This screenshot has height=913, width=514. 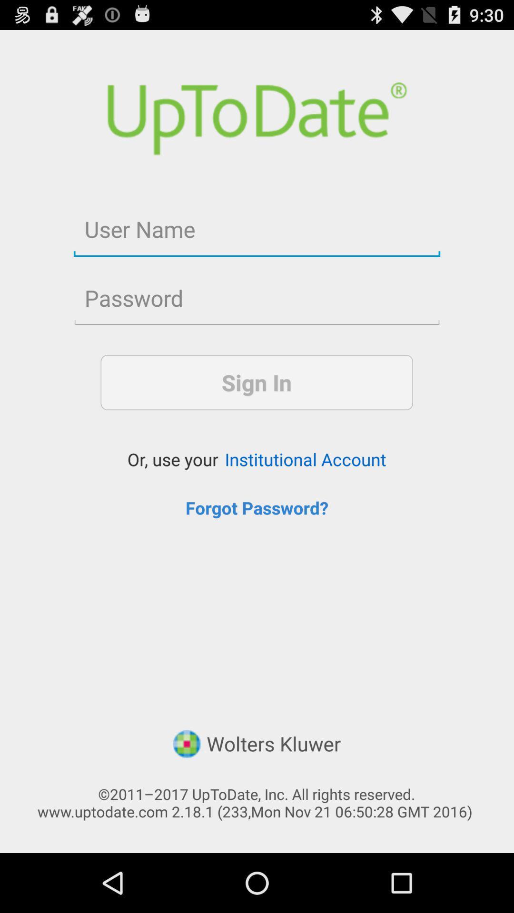 What do you see at coordinates (256, 744) in the screenshot?
I see `the app above 2011 2017 uptodate item` at bounding box center [256, 744].